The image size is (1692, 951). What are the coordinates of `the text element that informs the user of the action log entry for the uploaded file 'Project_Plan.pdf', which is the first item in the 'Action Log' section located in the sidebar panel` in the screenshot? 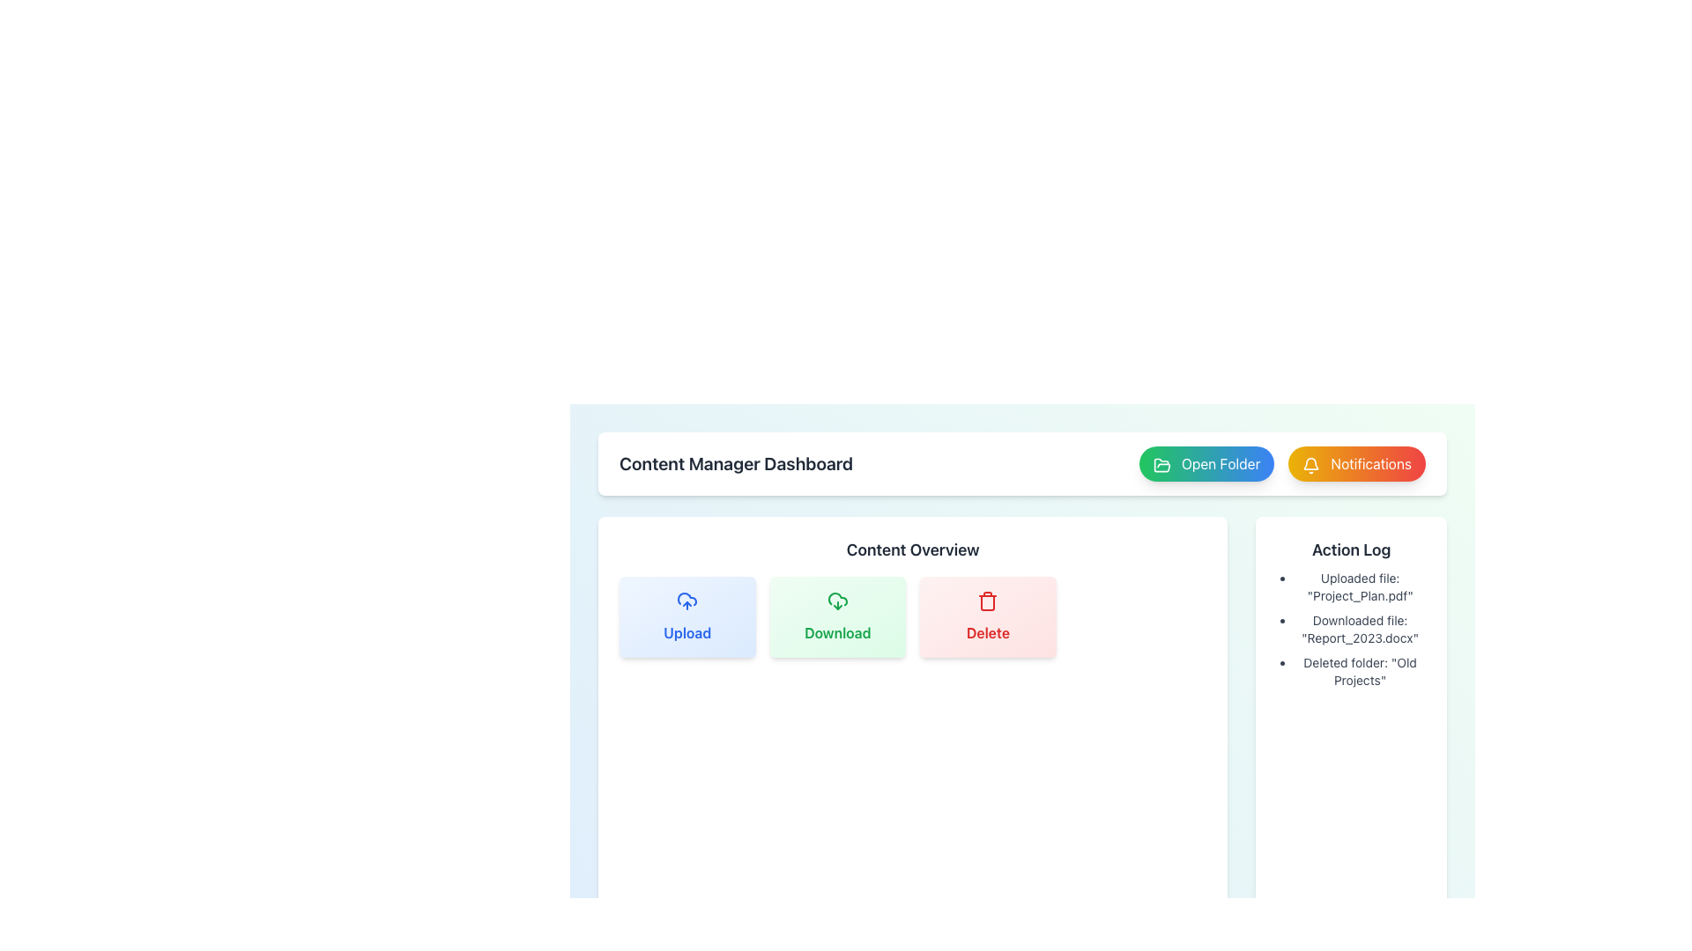 It's located at (1359, 587).